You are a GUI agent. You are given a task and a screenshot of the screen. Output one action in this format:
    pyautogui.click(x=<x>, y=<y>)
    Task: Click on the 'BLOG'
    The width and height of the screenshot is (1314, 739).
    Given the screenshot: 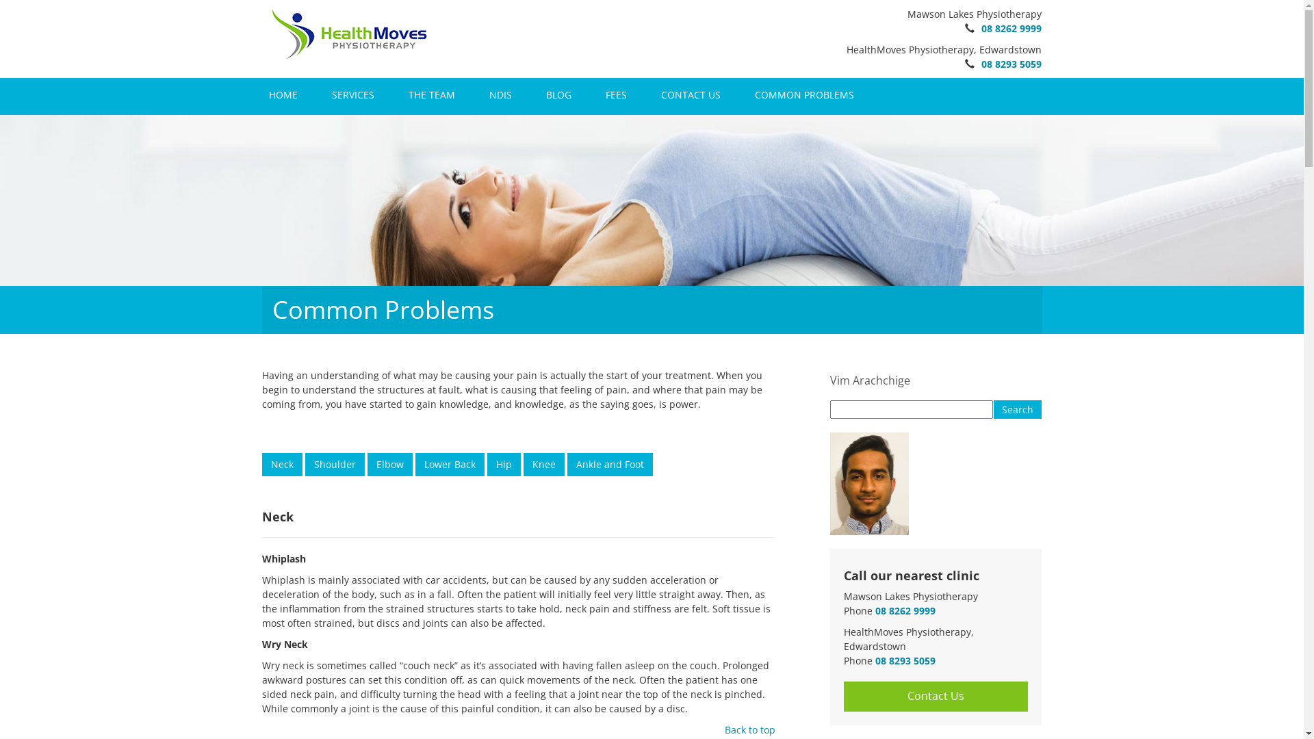 What is the action you would take?
    pyautogui.click(x=558, y=94)
    